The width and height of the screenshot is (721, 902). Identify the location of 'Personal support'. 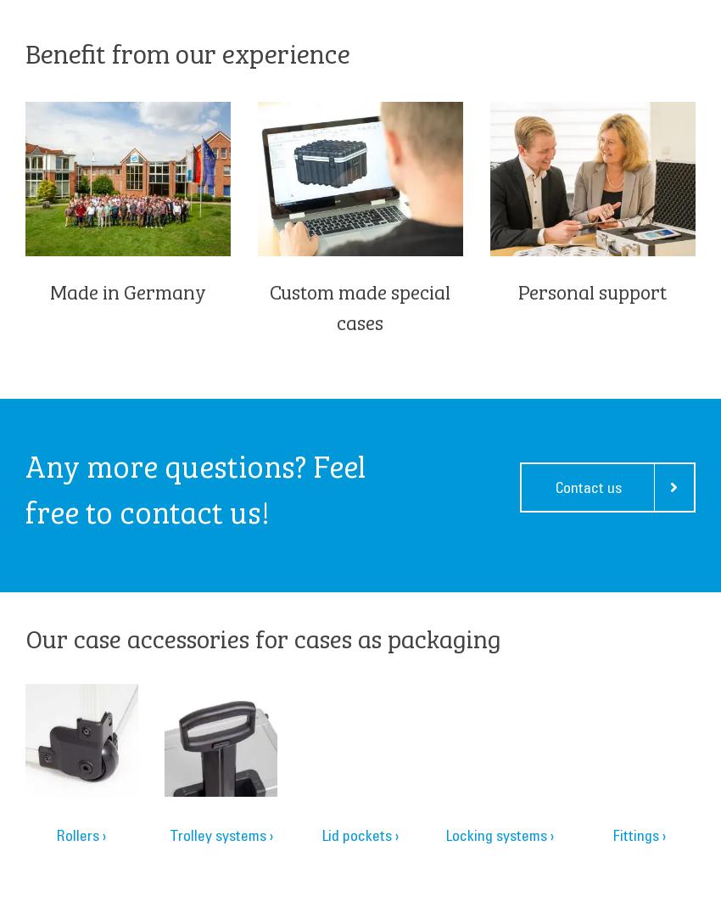
(591, 290).